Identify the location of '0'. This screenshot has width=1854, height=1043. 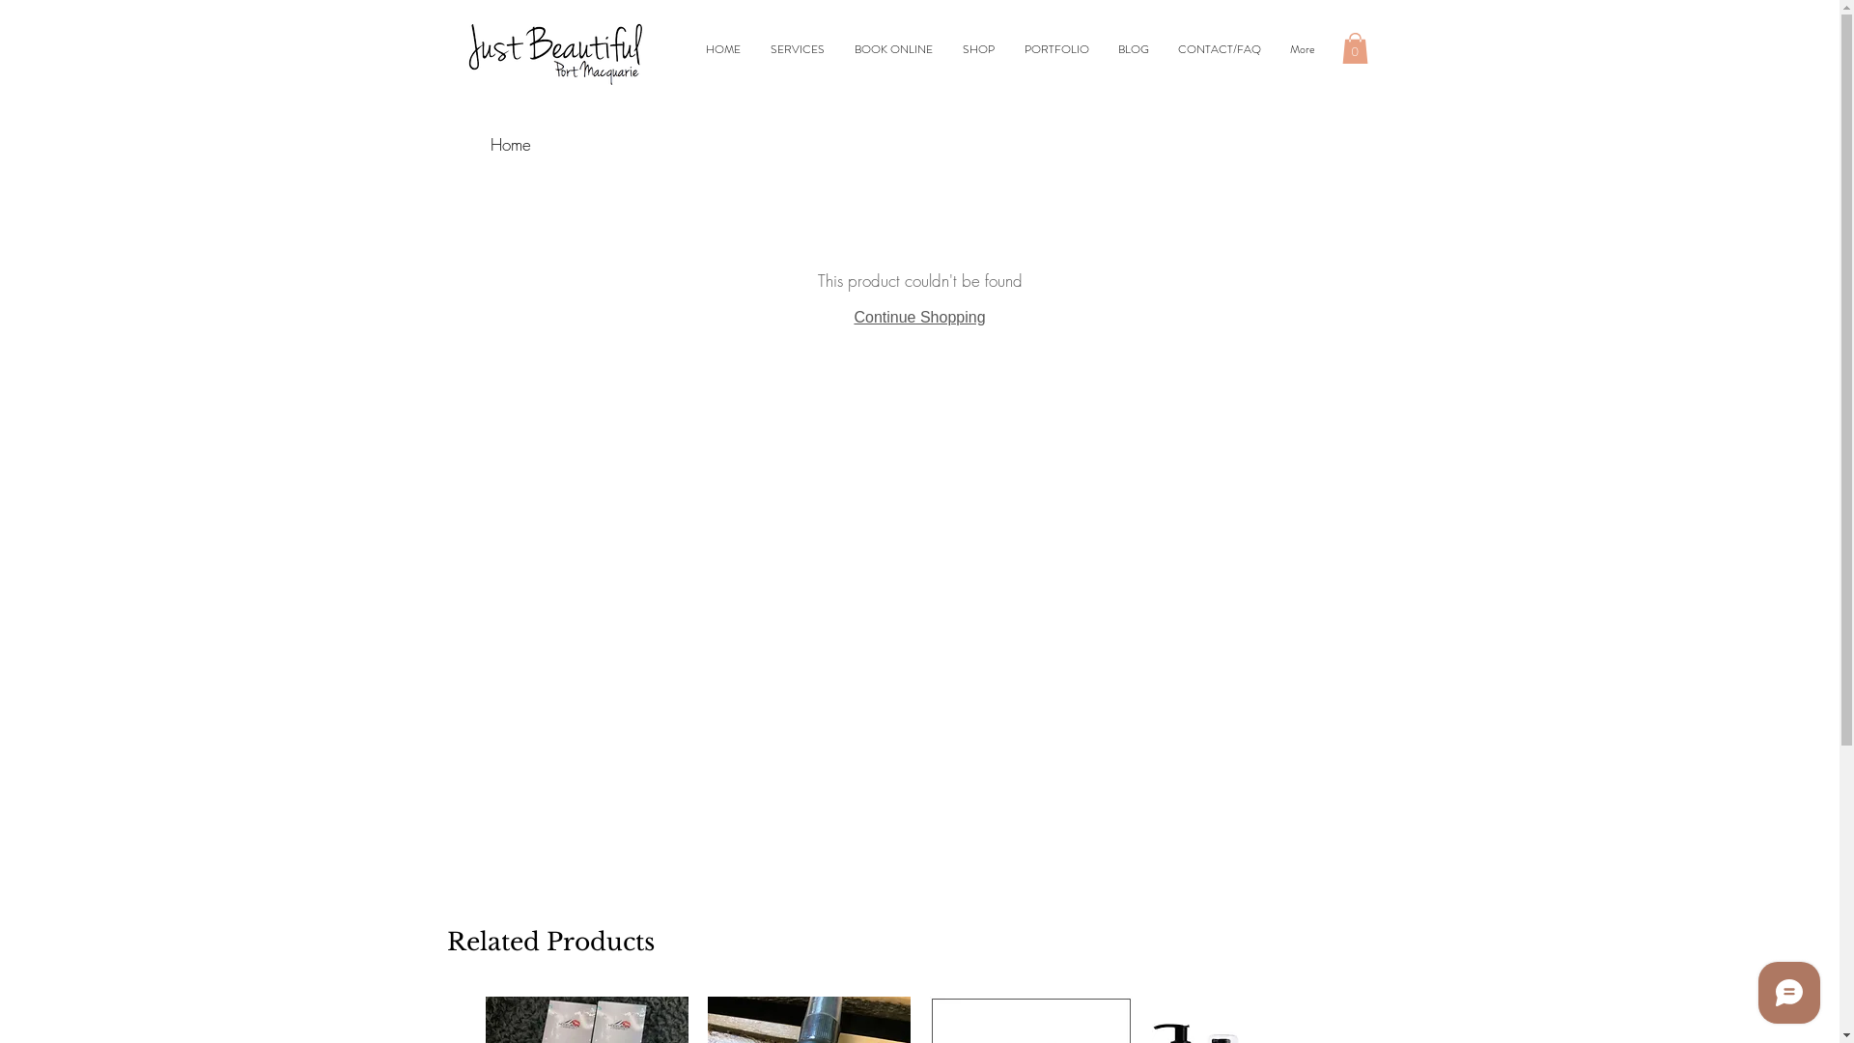
(1354, 47).